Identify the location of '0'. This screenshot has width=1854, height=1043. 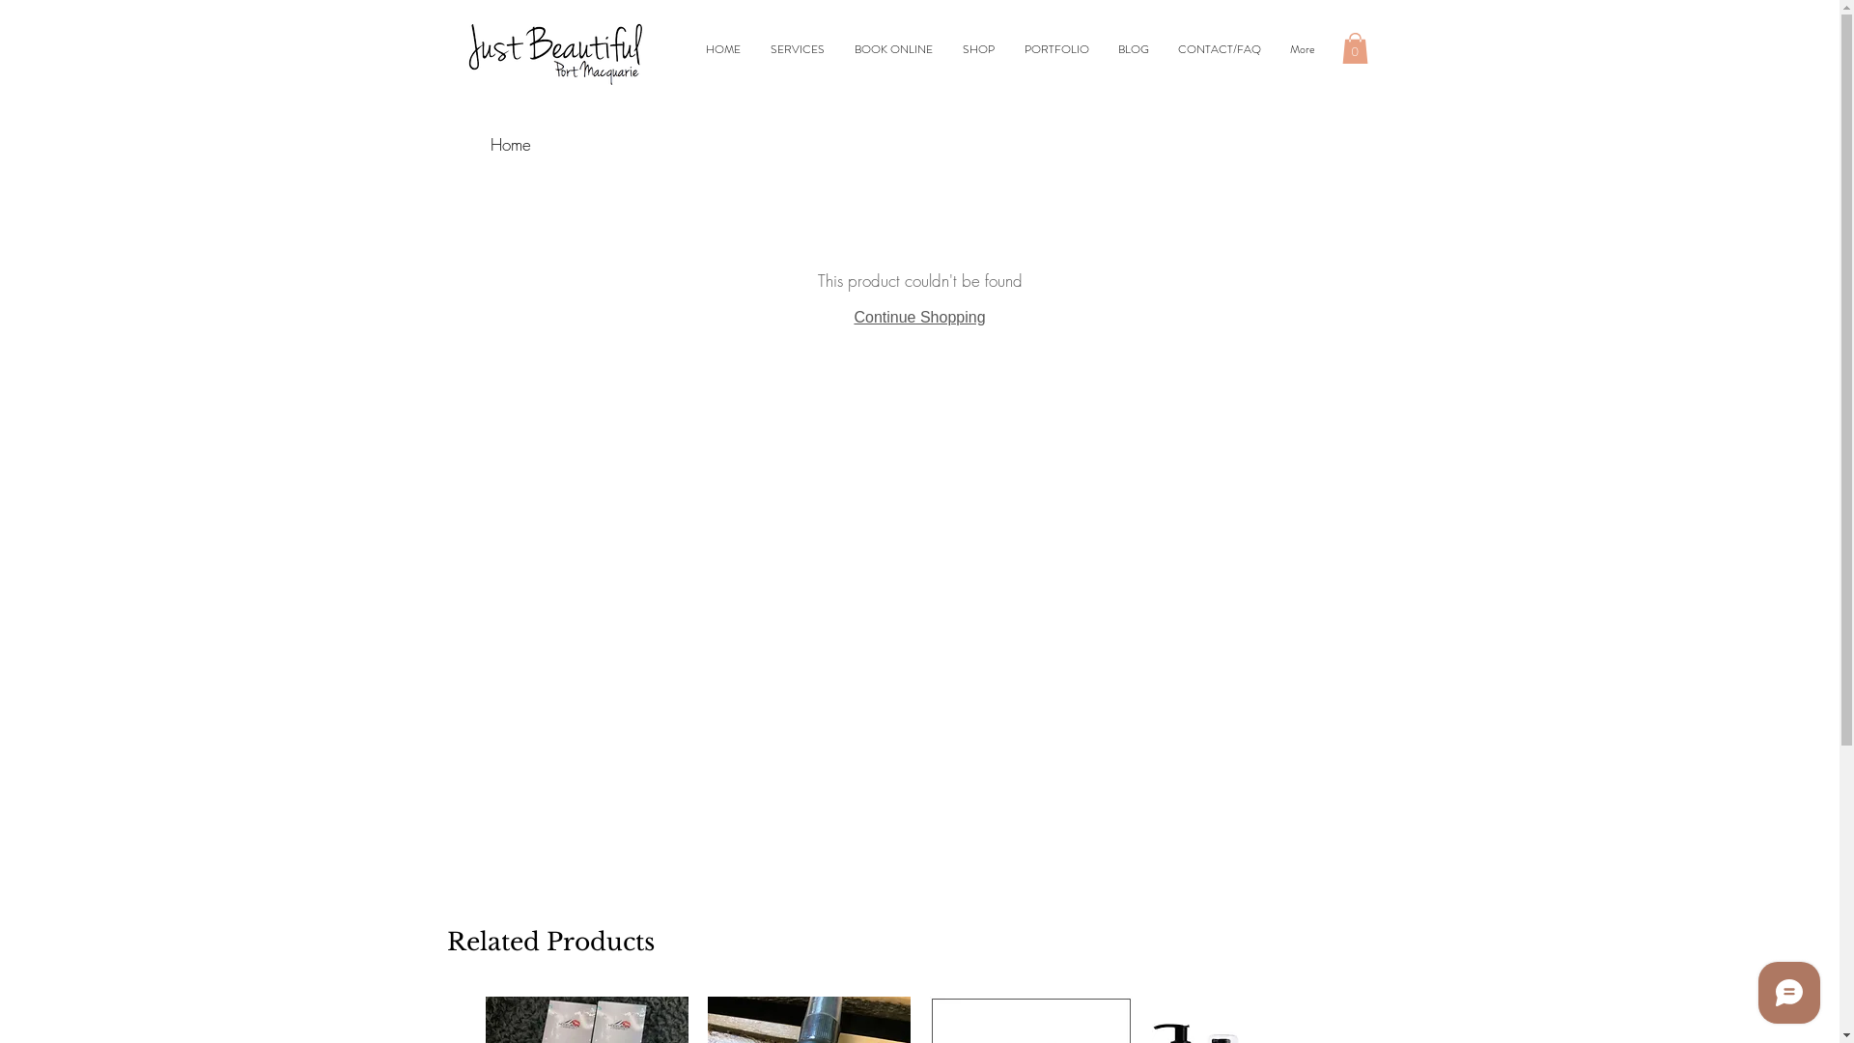
(1354, 47).